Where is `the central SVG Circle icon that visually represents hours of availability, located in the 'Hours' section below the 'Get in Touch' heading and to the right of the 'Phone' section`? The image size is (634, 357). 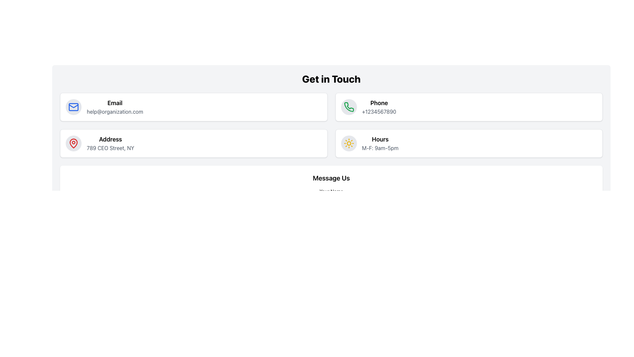 the central SVG Circle icon that visually represents hours of availability, located in the 'Hours' section below the 'Get in Touch' heading and to the right of the 'Phone' section is located at coordinates (348, 143).